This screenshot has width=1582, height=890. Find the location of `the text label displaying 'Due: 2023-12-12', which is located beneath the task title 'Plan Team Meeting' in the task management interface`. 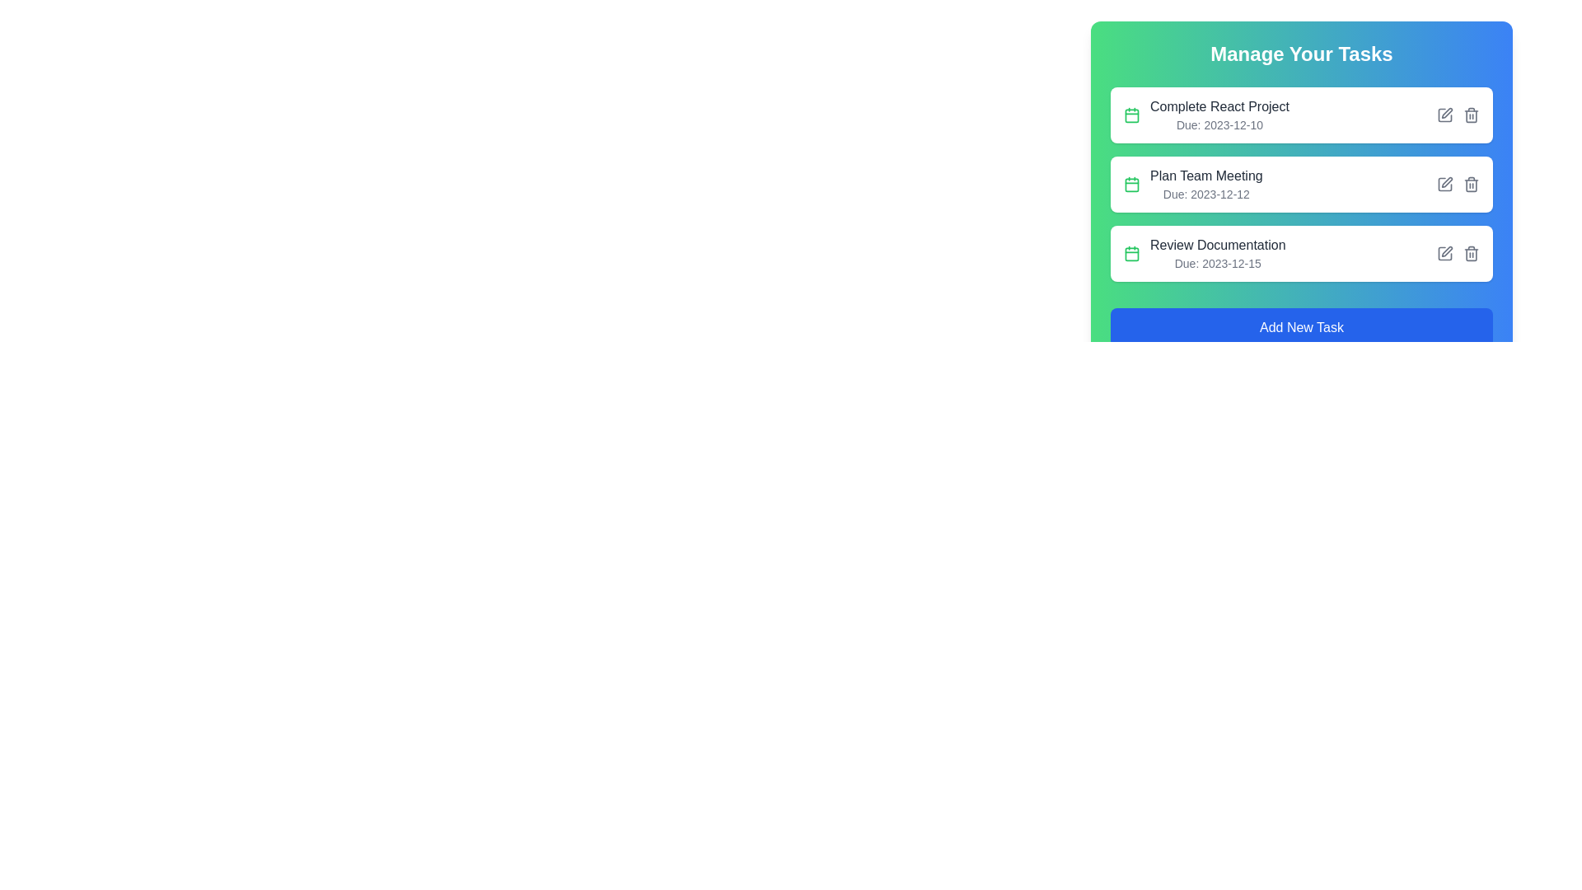

the text label displaying 'Due: 2023-12-12', which is located beneath the task title 'Plan Team Meeting' in the task management interface is located at coordinates (1206, 193).